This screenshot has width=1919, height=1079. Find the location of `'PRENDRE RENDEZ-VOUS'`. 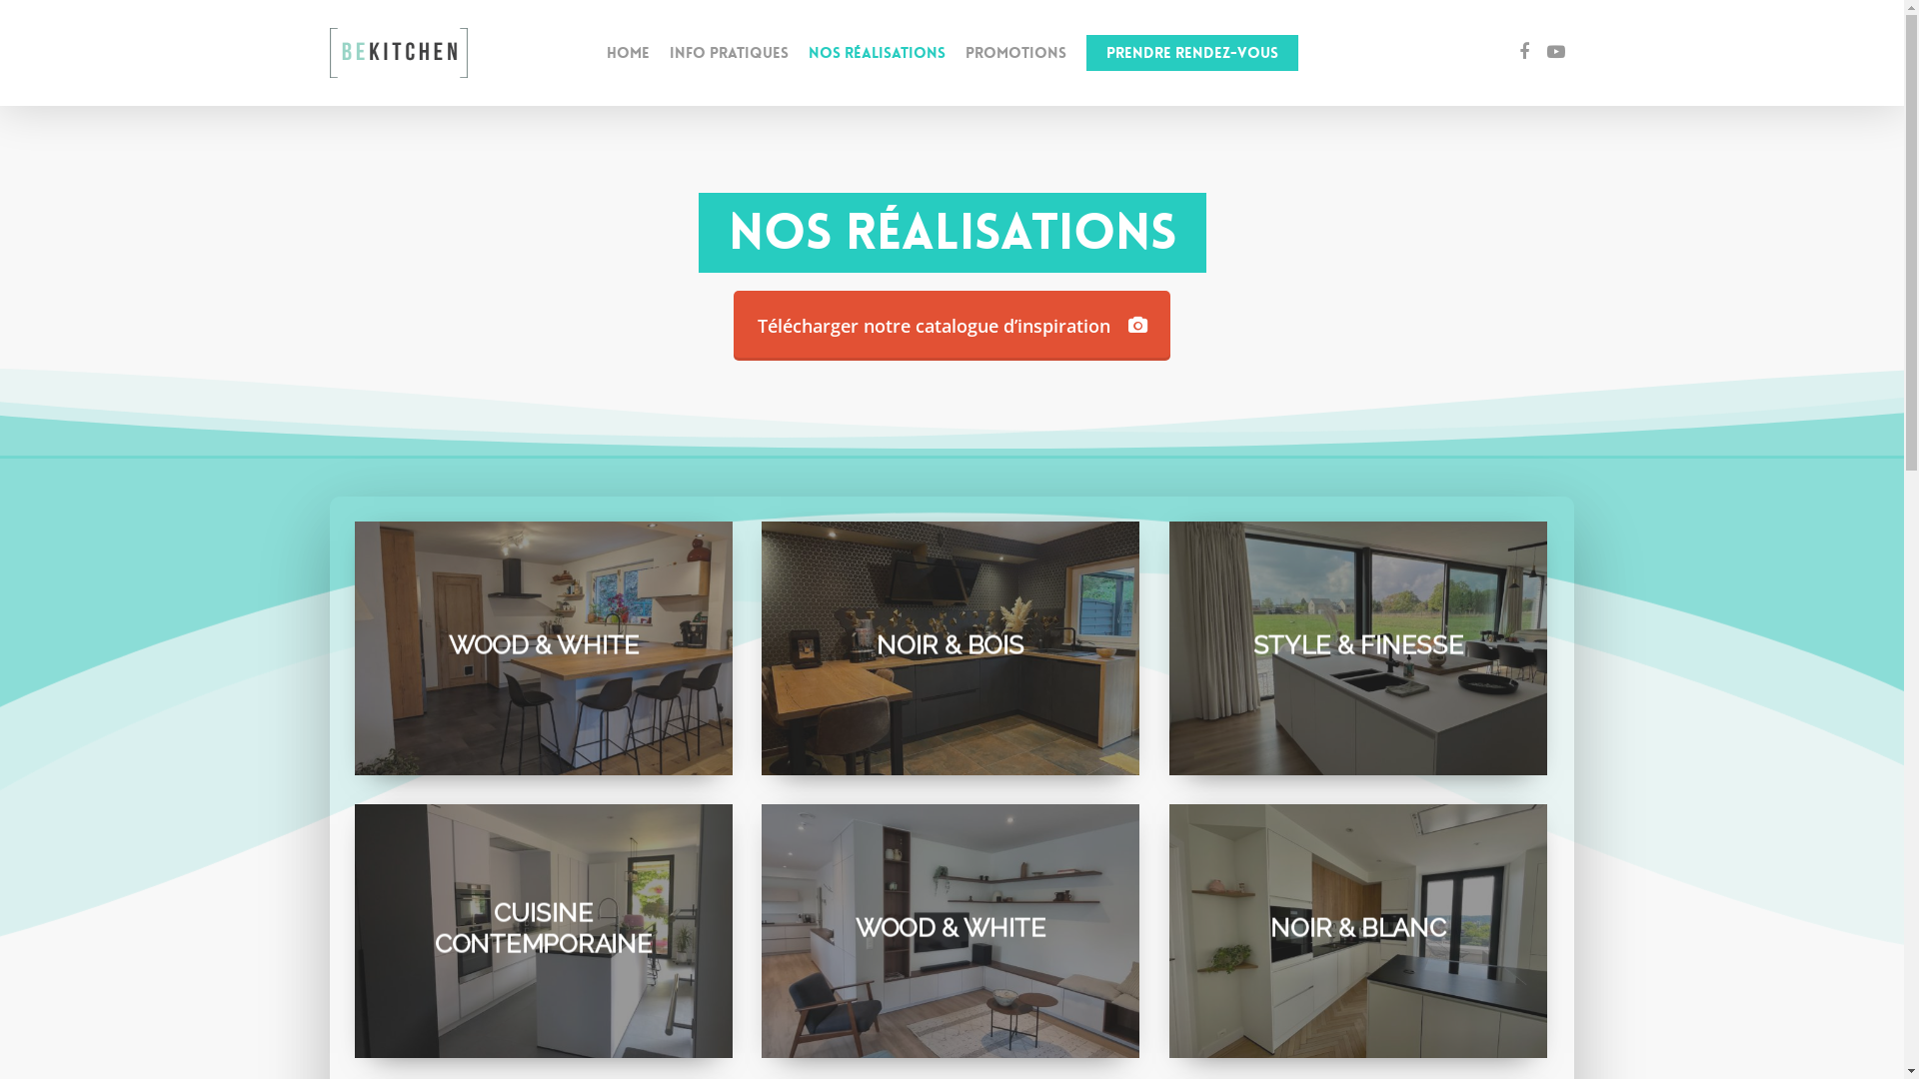

'PRENDRE RENDEZ-VOUS' is located at coordinates (1083, 52).